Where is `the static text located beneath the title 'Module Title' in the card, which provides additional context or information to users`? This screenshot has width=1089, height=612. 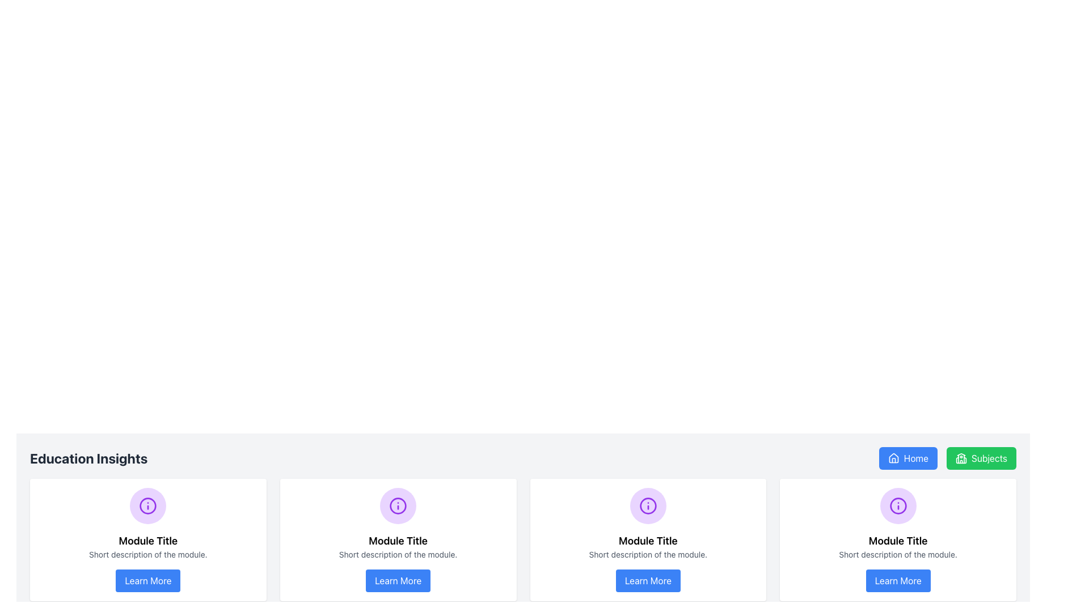 the static text located beneath the title 'Module Title' in the card, which provides additional context or information to users is located at coordinates (648, 554).